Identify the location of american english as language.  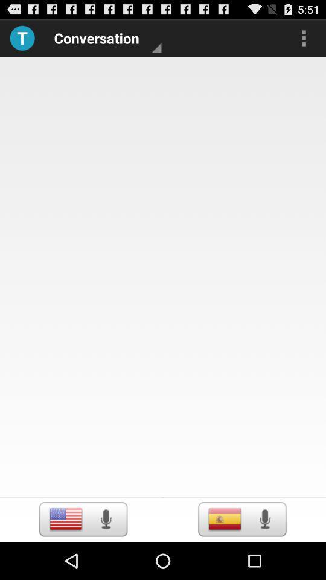
(66, 518).